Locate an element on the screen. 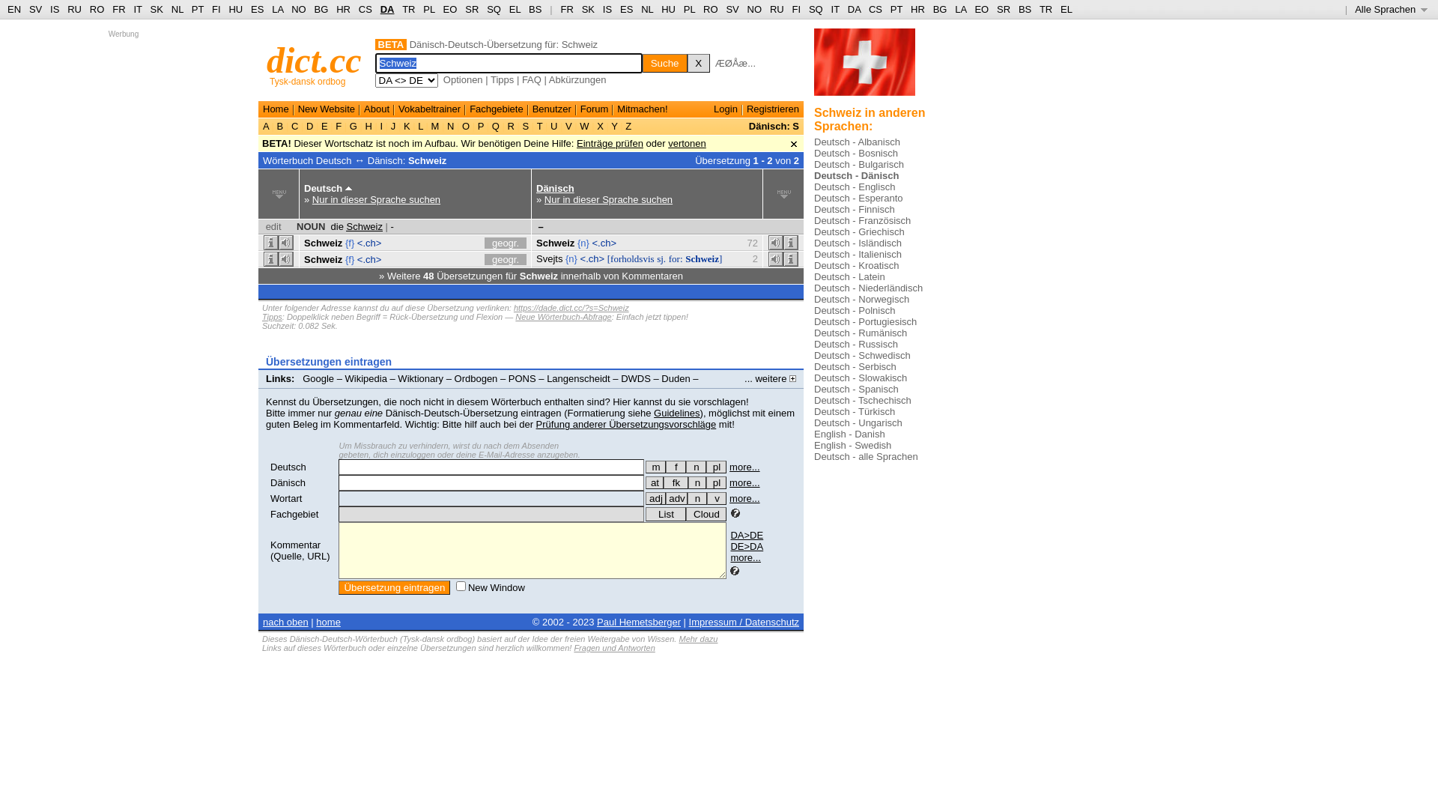 Image resolution: width=1438 pixels, height=809 pixels. 'List' is located at coordinates (664, 513).